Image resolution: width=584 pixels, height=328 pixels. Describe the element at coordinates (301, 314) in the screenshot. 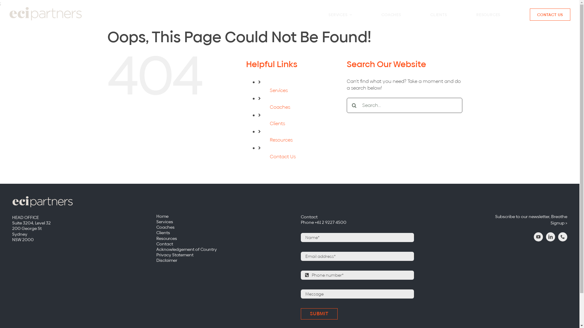

I see `'SUBMIT'` at that location.